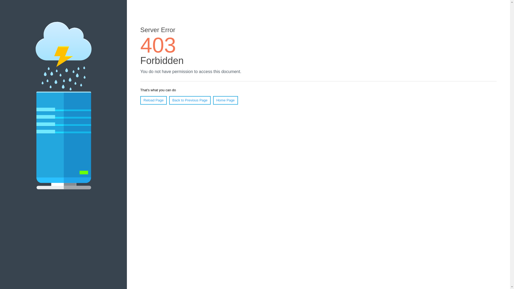  Describe the element at coordinates (225, 100) in the screenshot. I see `'Home Page'` at that location.